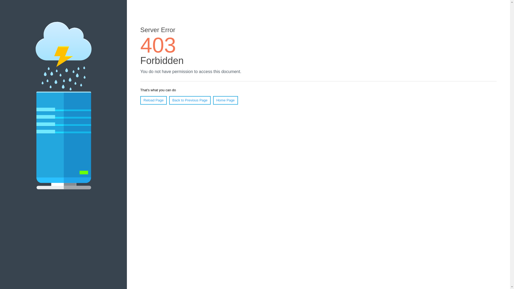  Describe the element at coordinates (225, 100) in the screenshot. I see `'Home Page'` at that location.